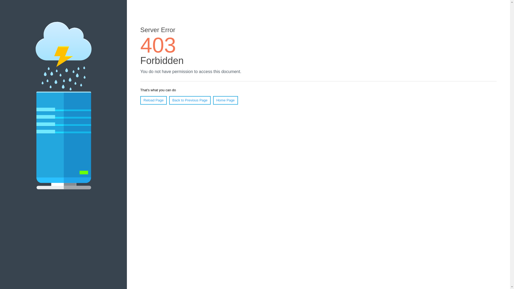  Describe the element at coordinates (225, 100) in the screenshot. I see `'Home Page'` at that location.